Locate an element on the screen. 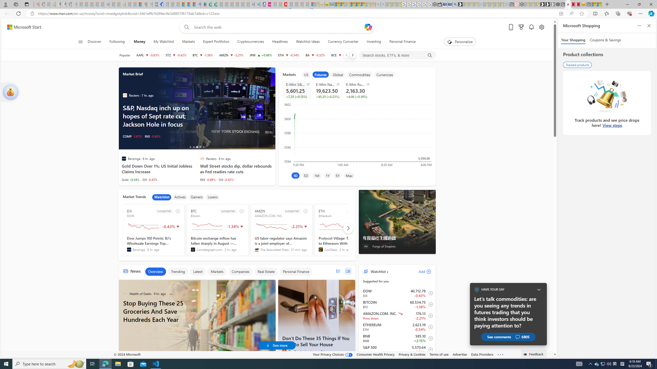 This screenshot has height=369, width=657. 'INX S&P 500 decrease 5,570.64 -50.21 -0.89% item5' is located at coordinates (397, 349).